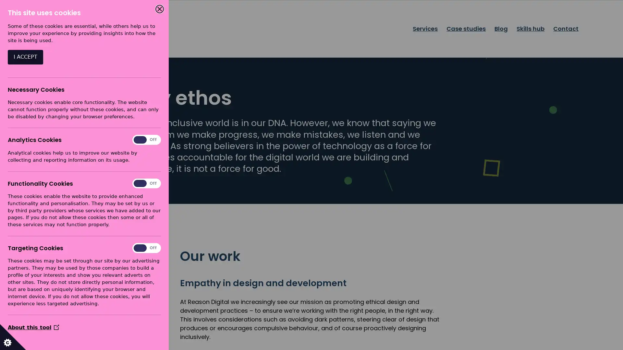  Describe the element at coordinates (159, 9) in the screenshot. I see `Close` at that location.